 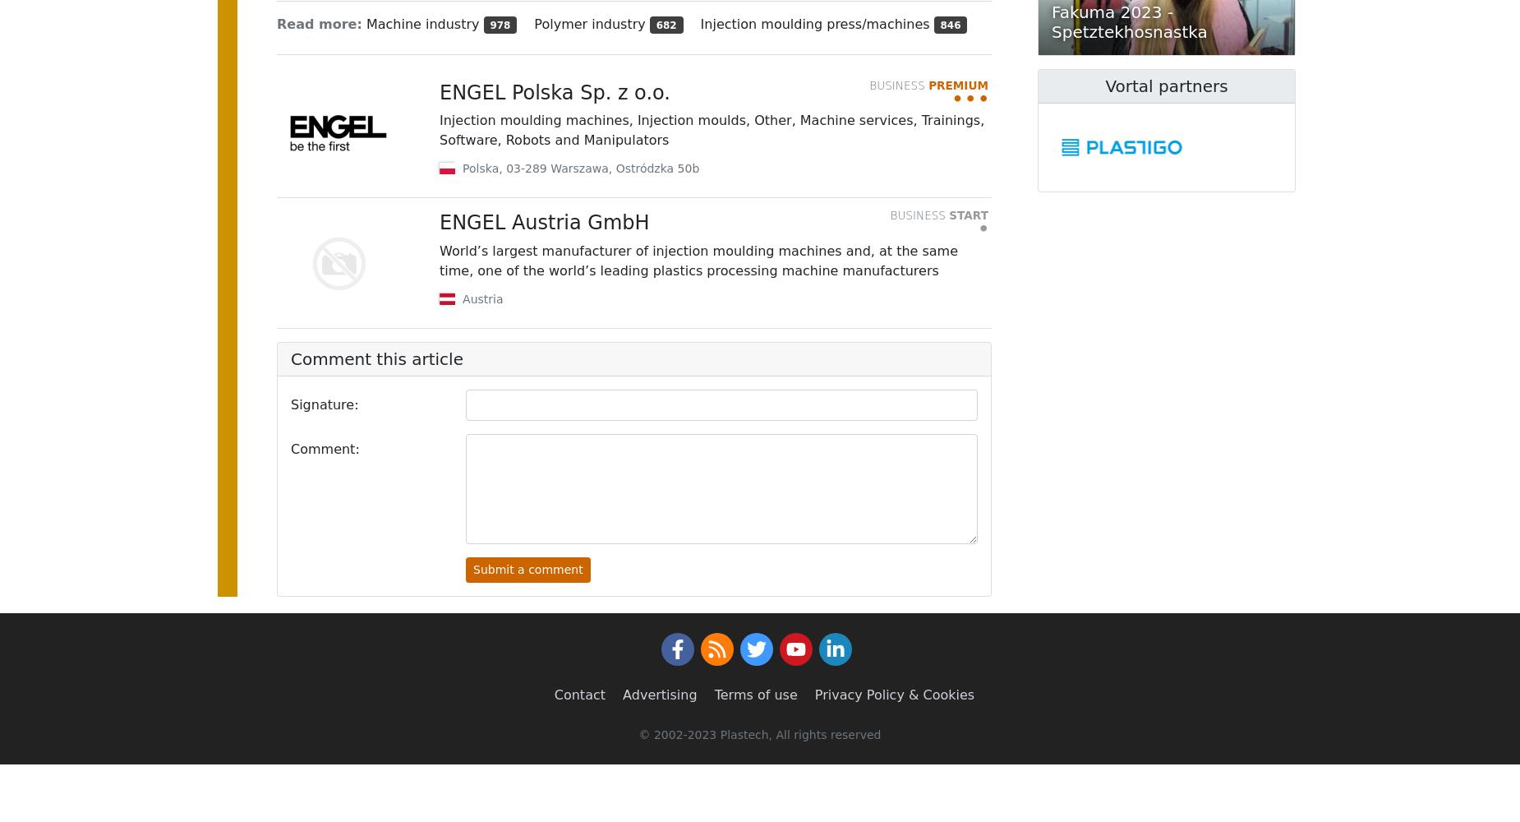 I want to click on '© 2002-2023 Plastech, All rights reserved', so click(x=759, y=735).